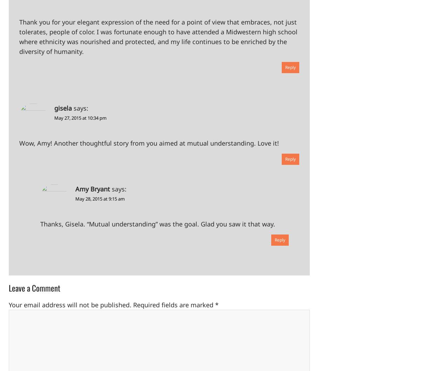 Image resolution: width=438 pixels, height=371 pixels. Describe the element at coordinates (75, 198) in the screenshot. I see `'May 28, 2015 at 9:15 am'` at that location.